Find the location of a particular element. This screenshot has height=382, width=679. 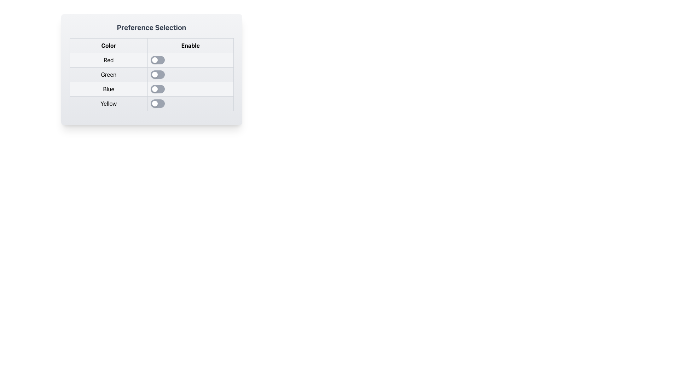

the toggle switch handle in the first row under the 'Enable' column of the 'Preference Selection' table is located at coordinates (154, 59).